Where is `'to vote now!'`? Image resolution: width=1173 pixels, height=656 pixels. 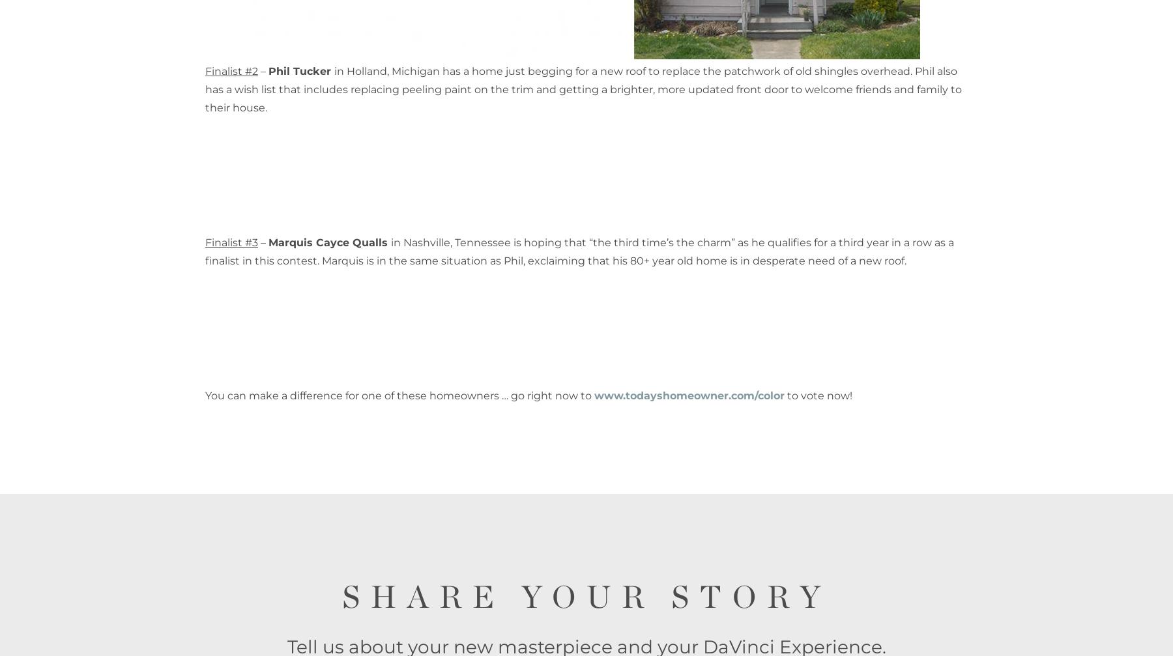
'to vote now!' is located at coordinates (818, 395).